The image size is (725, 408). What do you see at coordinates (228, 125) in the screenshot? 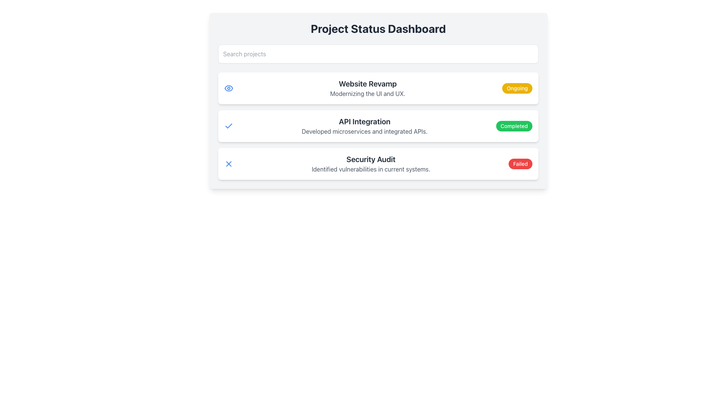
I see `the checkmark icon indicating successful completion of 'API Integration'` at bounding box center [228, 125].